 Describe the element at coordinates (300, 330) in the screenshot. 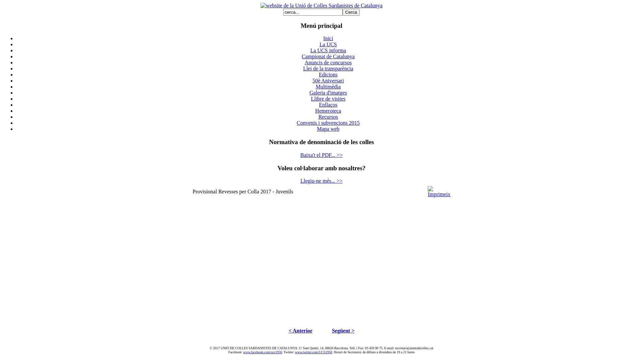

I see `'< Anterior'` at that location.